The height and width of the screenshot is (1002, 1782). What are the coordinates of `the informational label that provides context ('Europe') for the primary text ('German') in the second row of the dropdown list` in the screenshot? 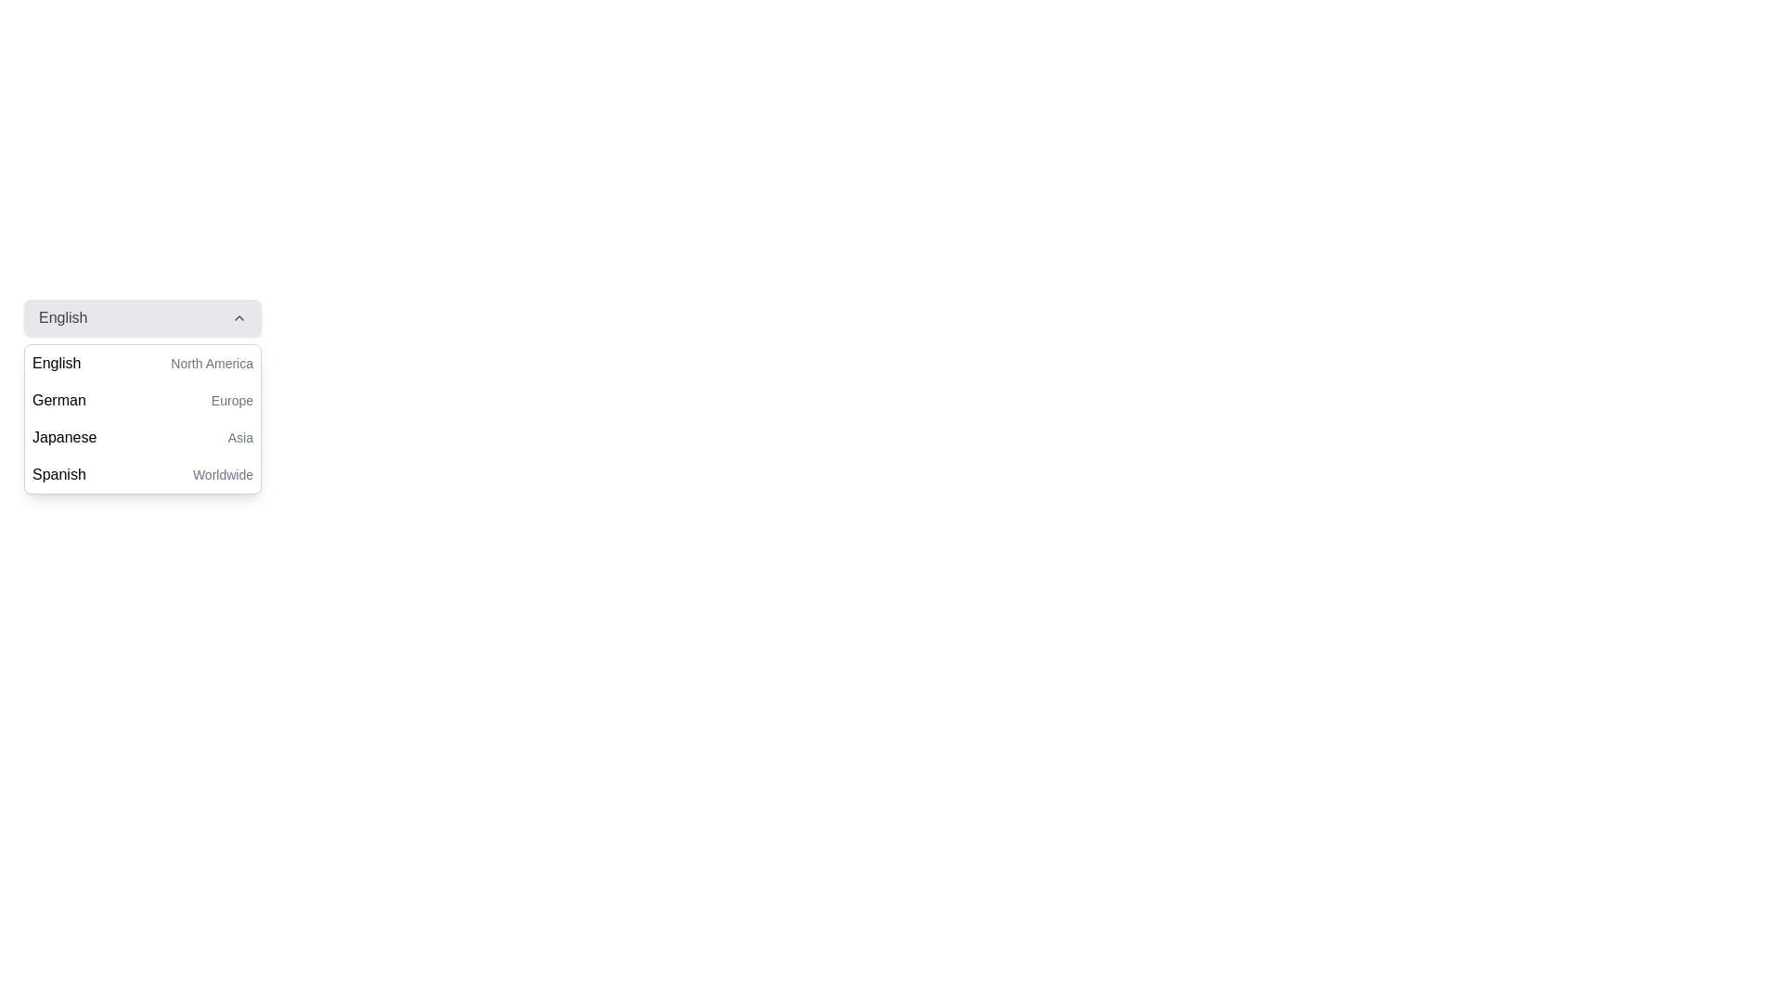 It's located at (231, 400).